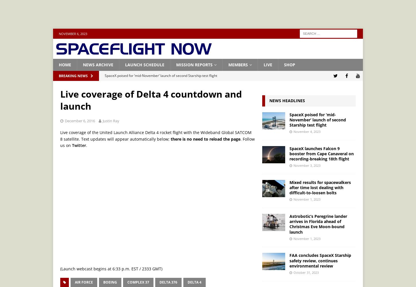 The width and height of the screenshot is (416, 287). Describe the element at coordinates (87, 145) in the screenshot. I see `'.'` at that location.